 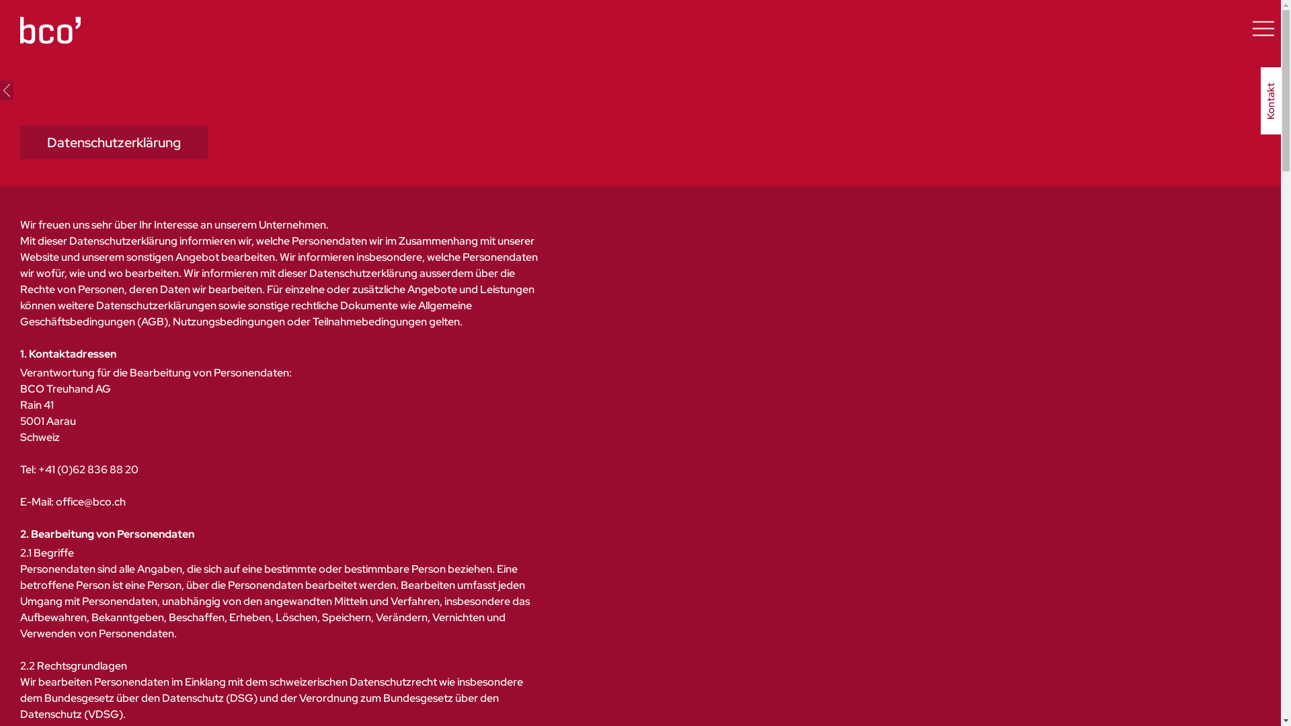 I want to click on 'office@bco.ch', so click(x=89, y=501).